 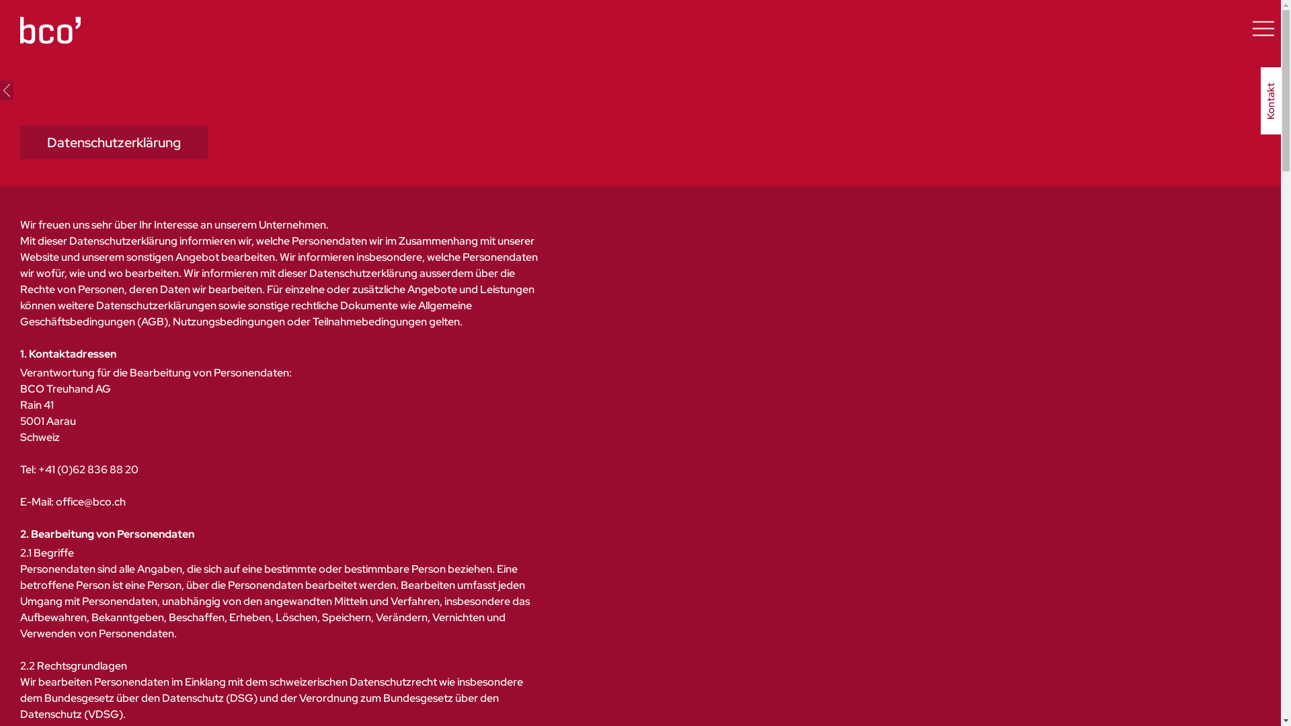 I want to click on 'office@bco.ch', so click(x=89, y=501).